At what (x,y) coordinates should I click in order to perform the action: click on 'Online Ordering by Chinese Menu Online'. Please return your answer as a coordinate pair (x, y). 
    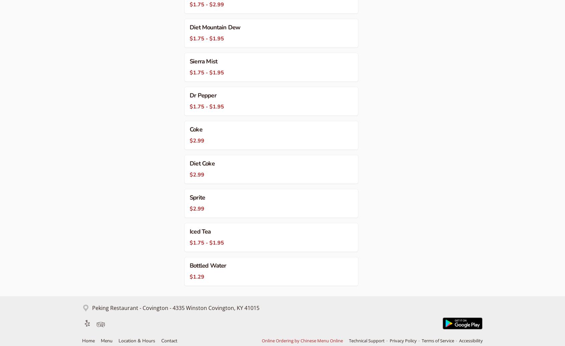
    Looking at the image, I should click on (302, 340).